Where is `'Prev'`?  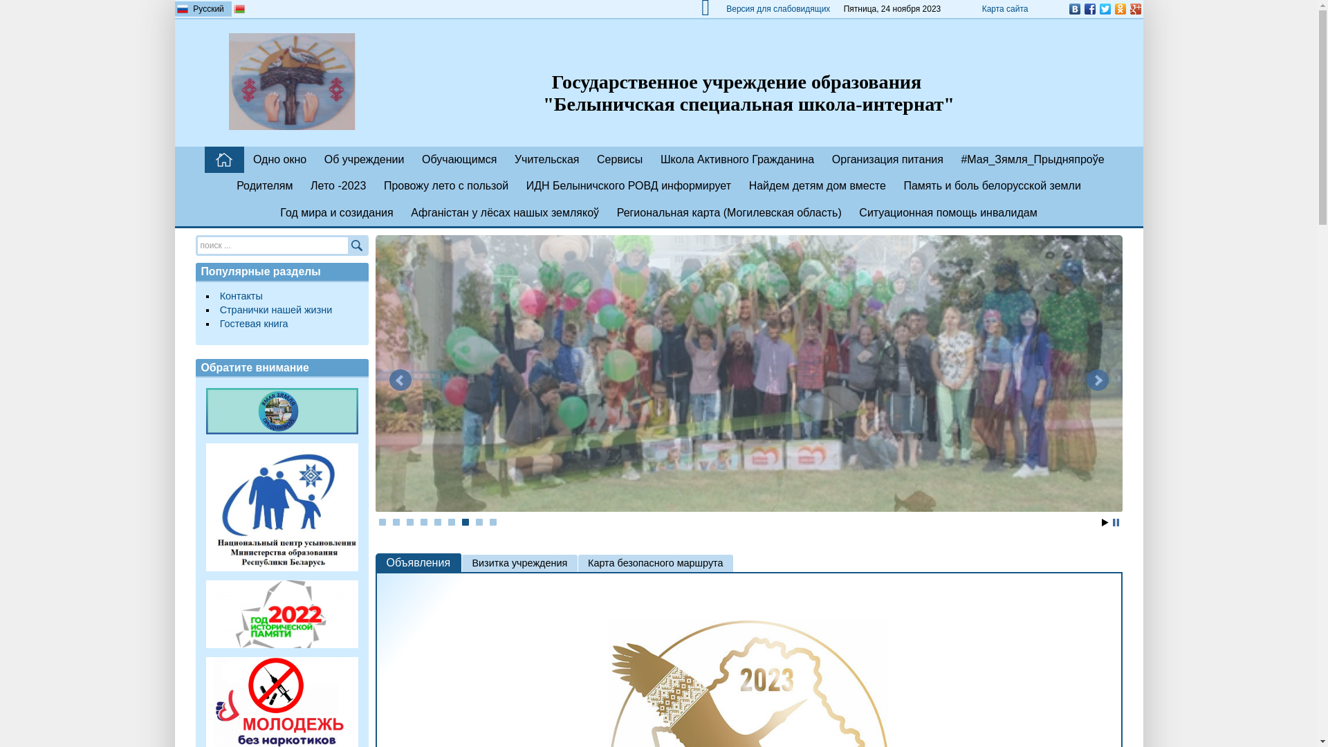 'Prev' is located at coordinates (387, 380).